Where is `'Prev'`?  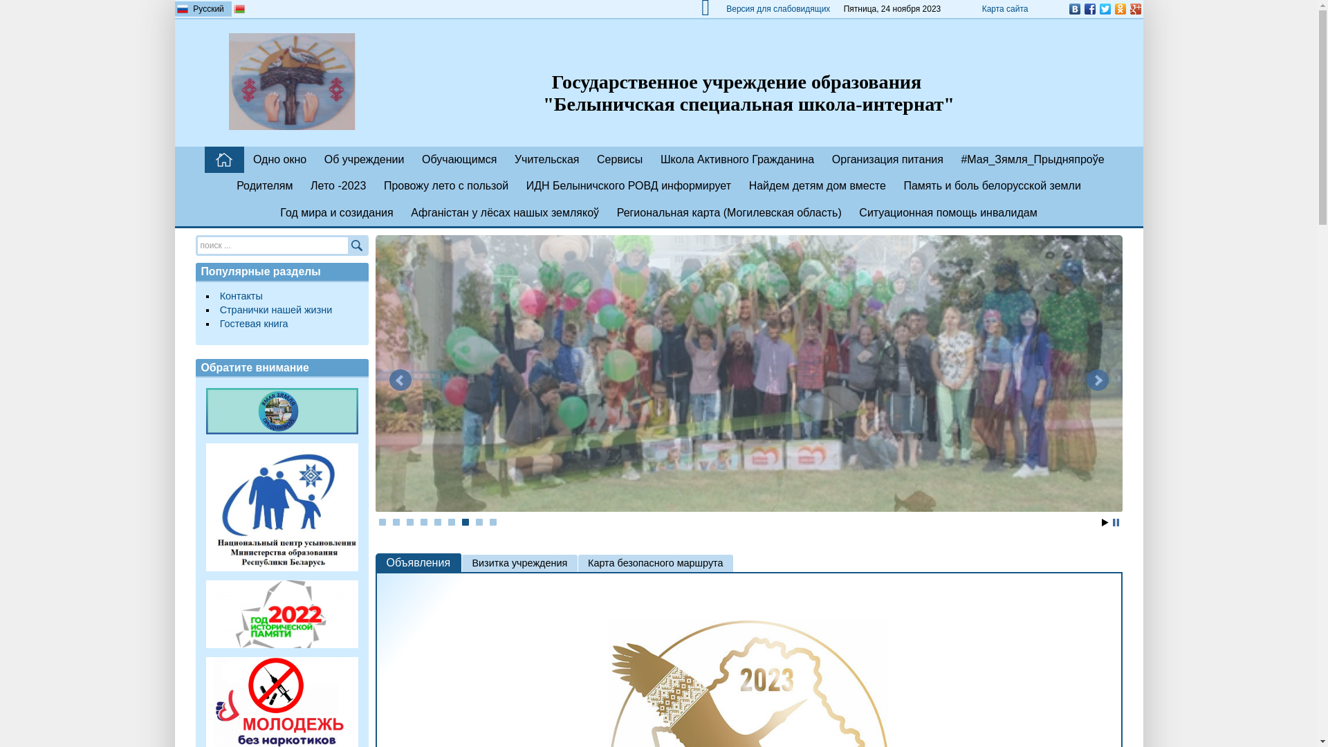 'Prev' is located at coordinates (387, 380).